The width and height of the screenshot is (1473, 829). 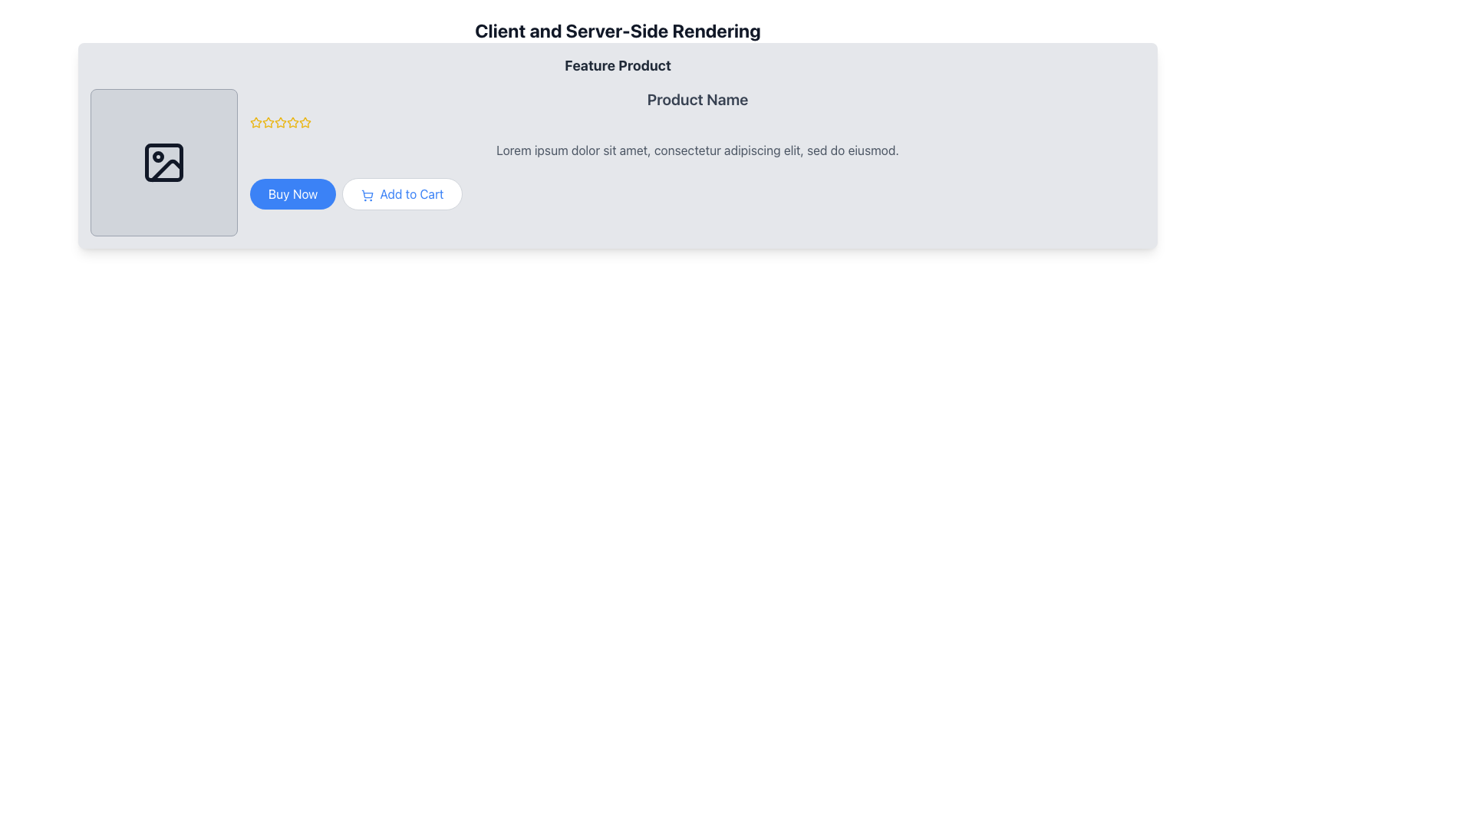 I want to click on the first Rating Star Icon located below the product image to set a user's rating for the product, so click(x=256, y=121).